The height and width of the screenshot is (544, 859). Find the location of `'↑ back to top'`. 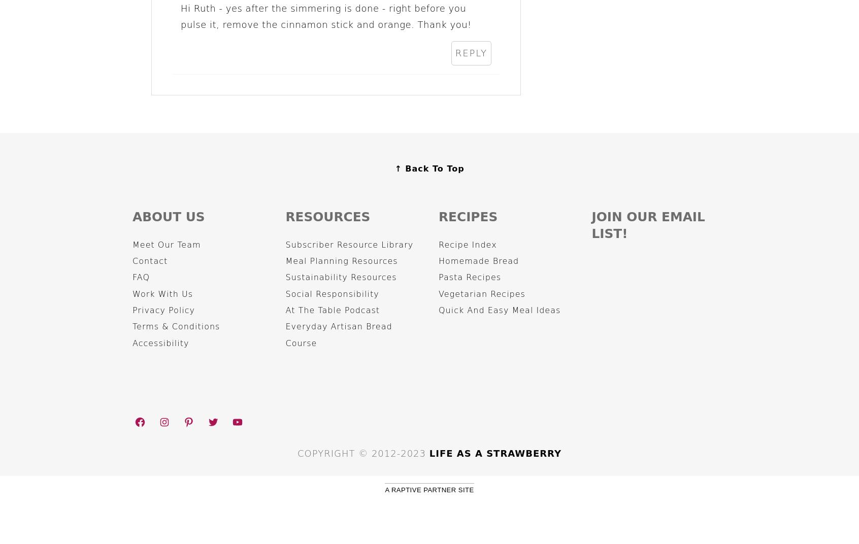

'↑ back to top' is located at coordinates (429, 167).